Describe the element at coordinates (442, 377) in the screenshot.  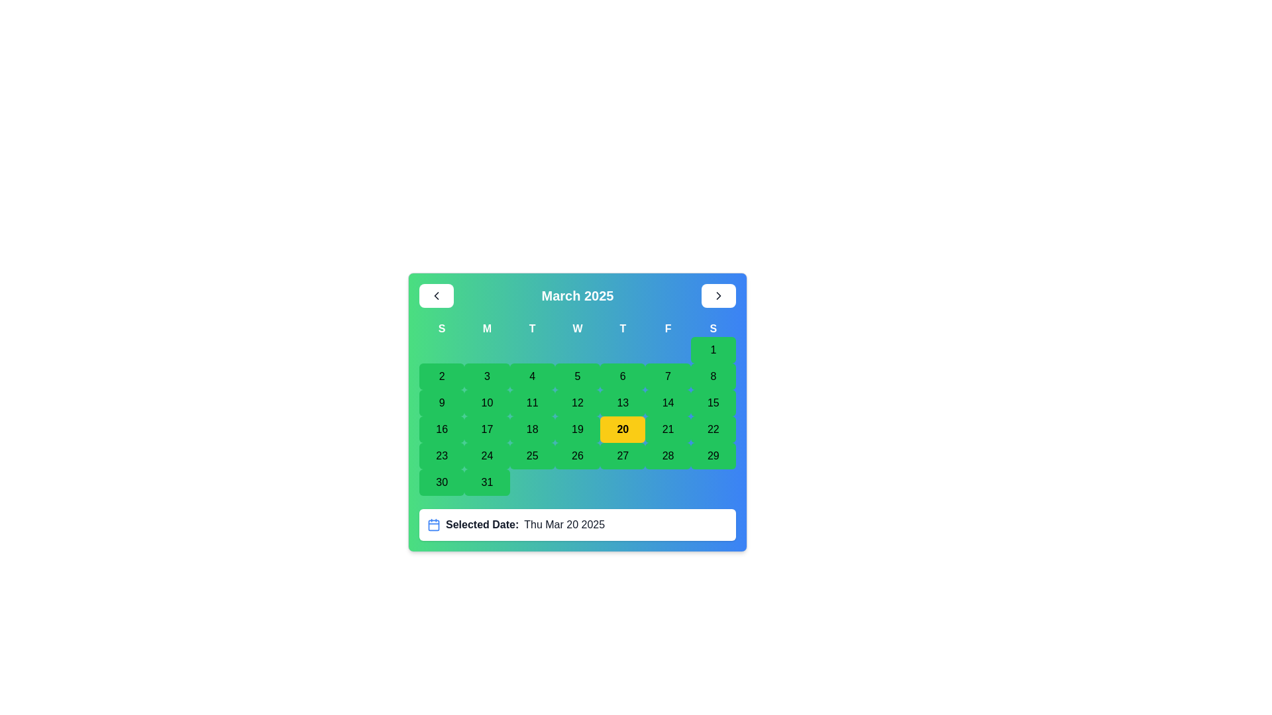
I see `the green square button with the number '2' in bold black font` at that location.